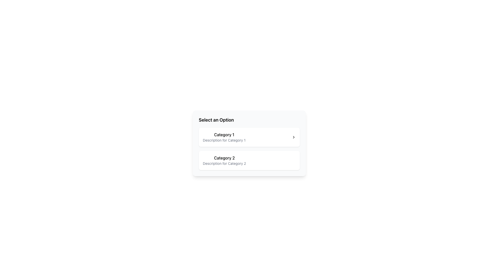 The image size is (485, 273). I want to click on supporting text located directly under 'Category 1' in the first selection card of the options list, so click(224, 140).